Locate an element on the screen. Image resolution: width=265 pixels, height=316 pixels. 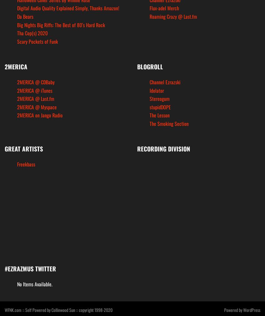
'2MERICA @ CDBaby' is located at coordinates (17, 82).